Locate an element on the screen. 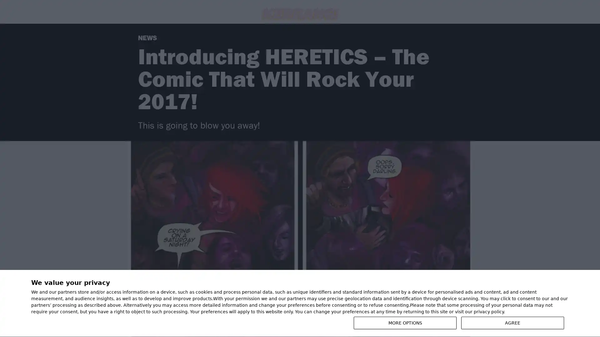  AGREE is located at coordinates (512, 323).